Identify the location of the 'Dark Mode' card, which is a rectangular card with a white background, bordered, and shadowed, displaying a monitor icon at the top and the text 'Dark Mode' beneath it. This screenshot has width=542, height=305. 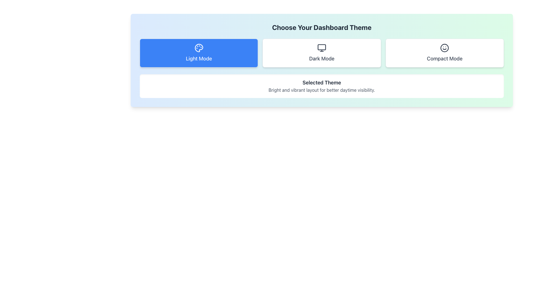
(322, 53).